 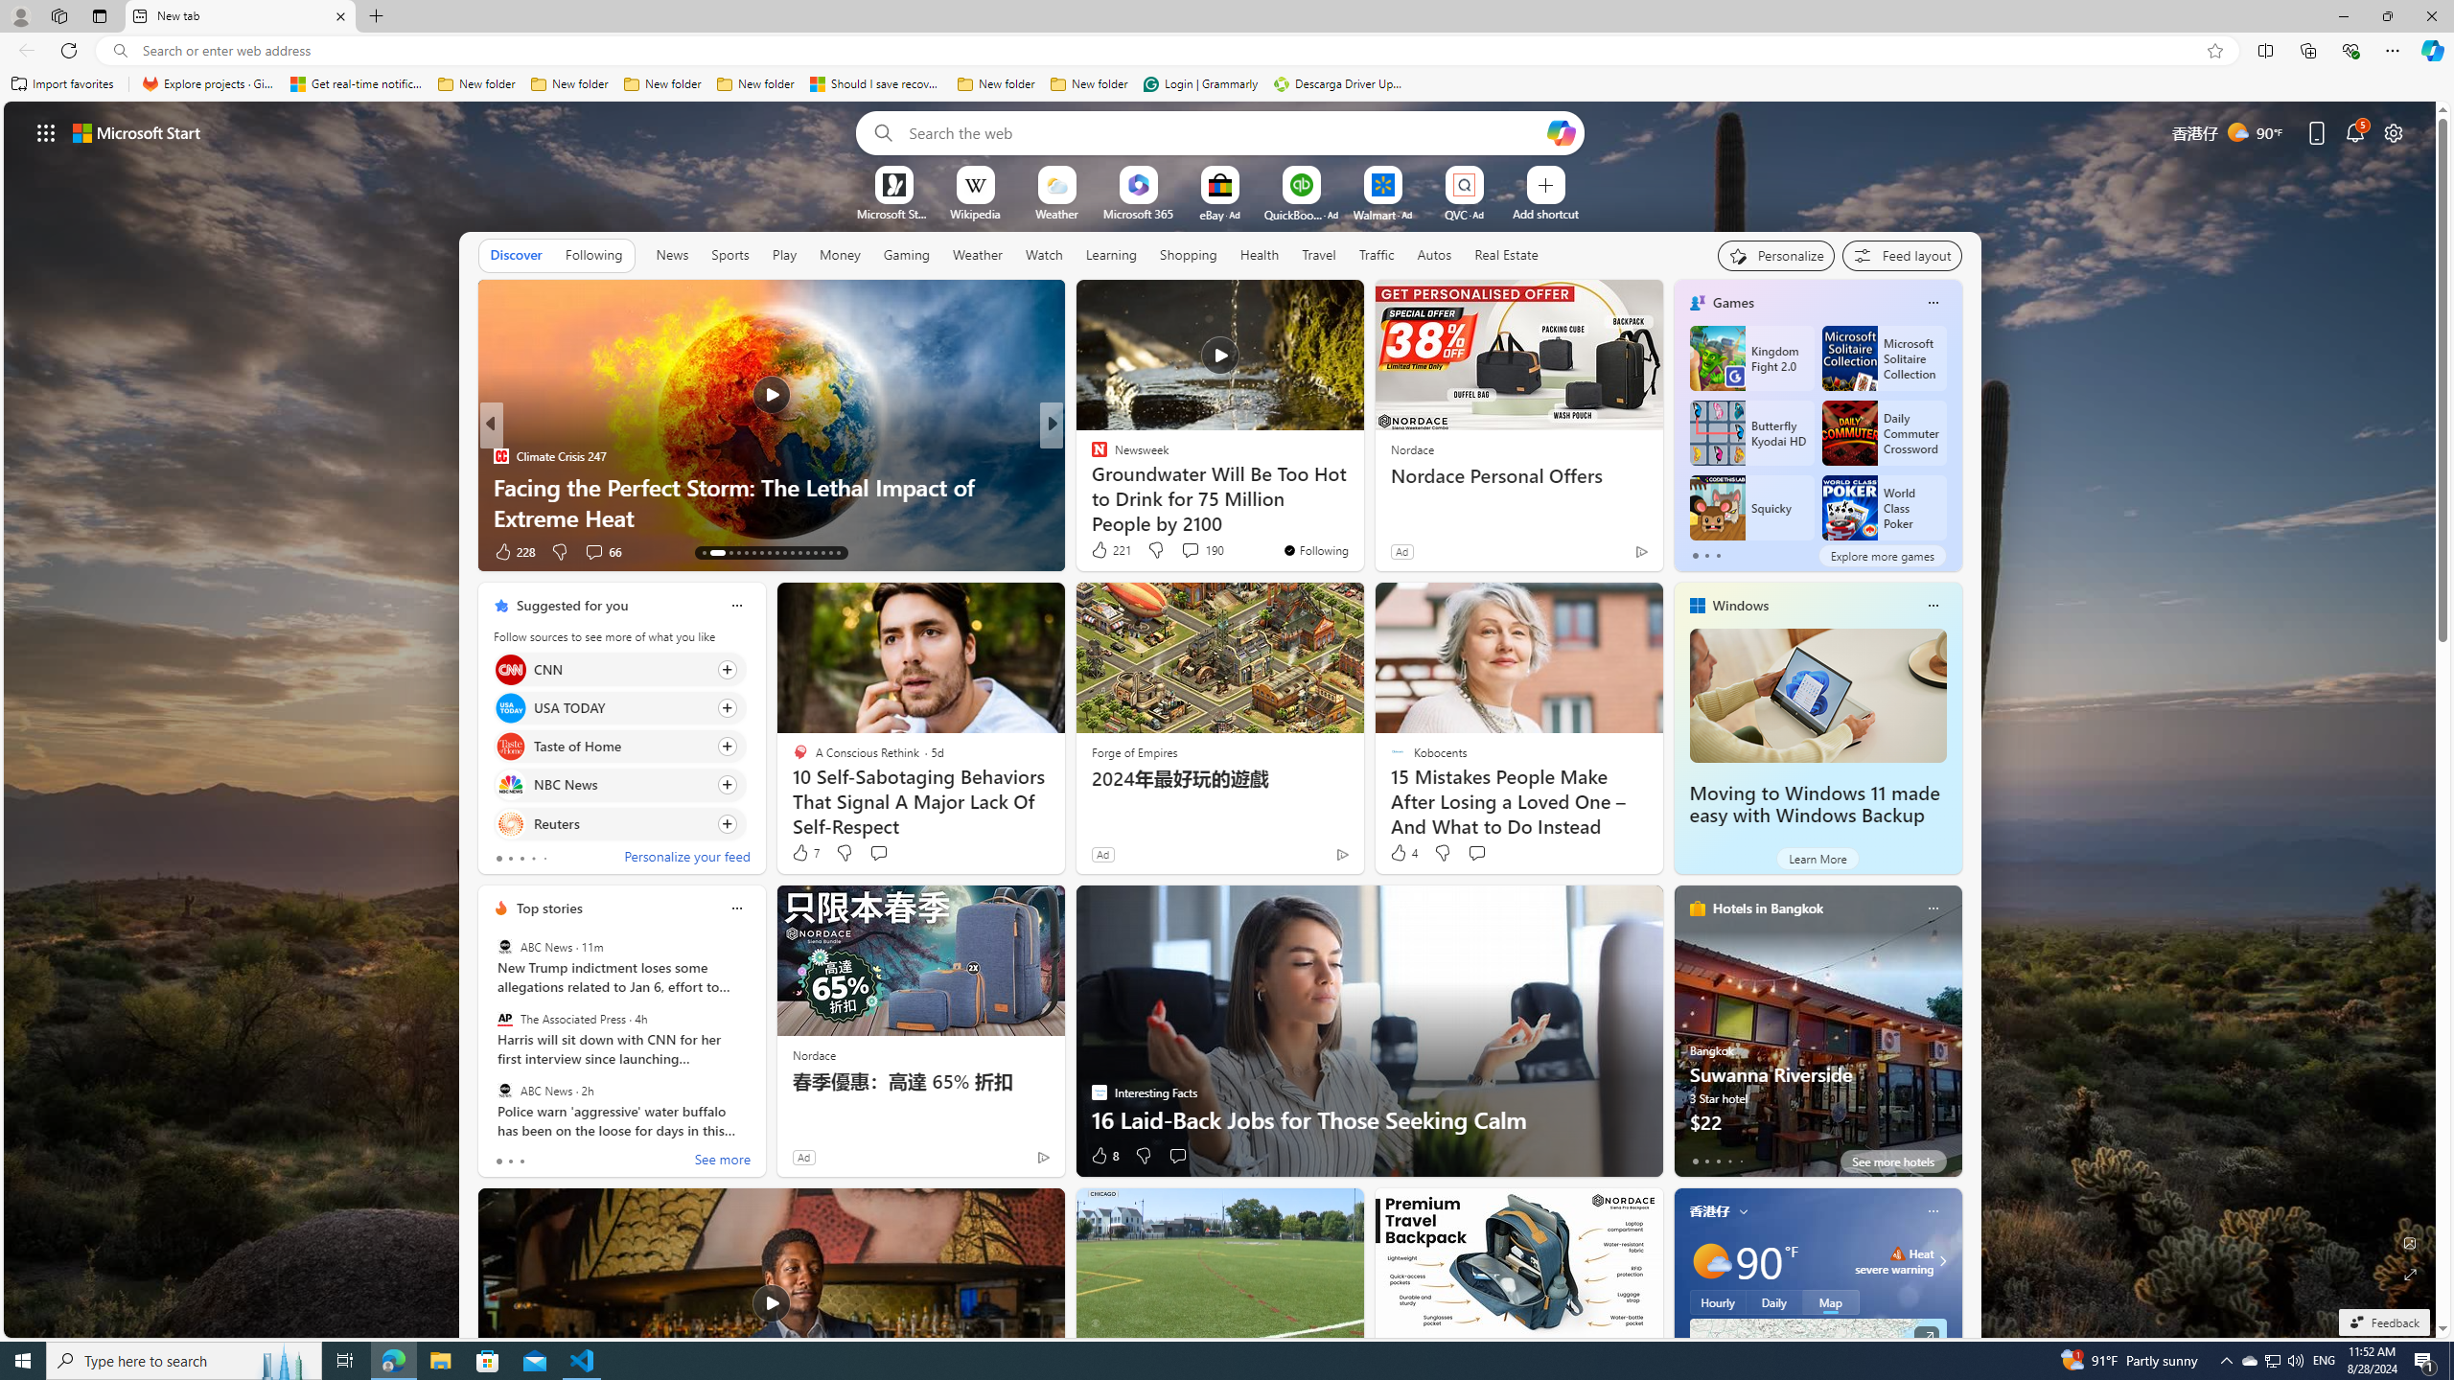 What do you see at coordinates (62, 83) in the screenshot?
I see `'Import favorites'` at bounding box center [62, 83].